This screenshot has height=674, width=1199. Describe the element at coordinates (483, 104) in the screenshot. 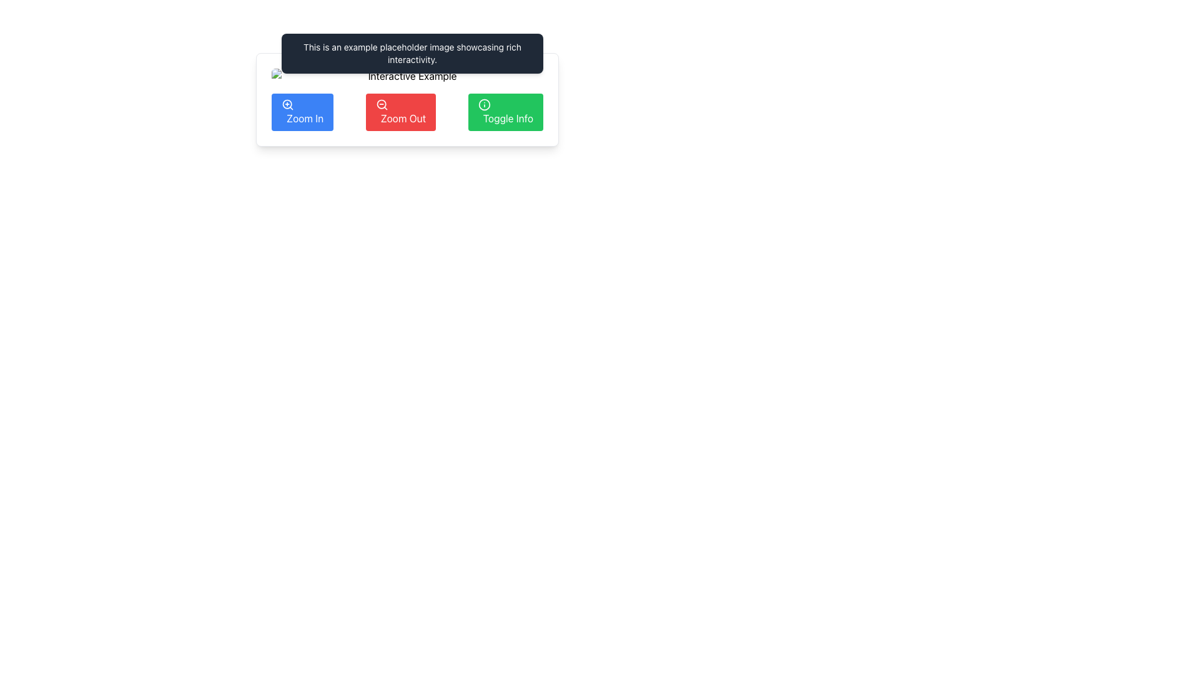

I see `the circular info icon located within the green 'Toggle Info' button` at that location.